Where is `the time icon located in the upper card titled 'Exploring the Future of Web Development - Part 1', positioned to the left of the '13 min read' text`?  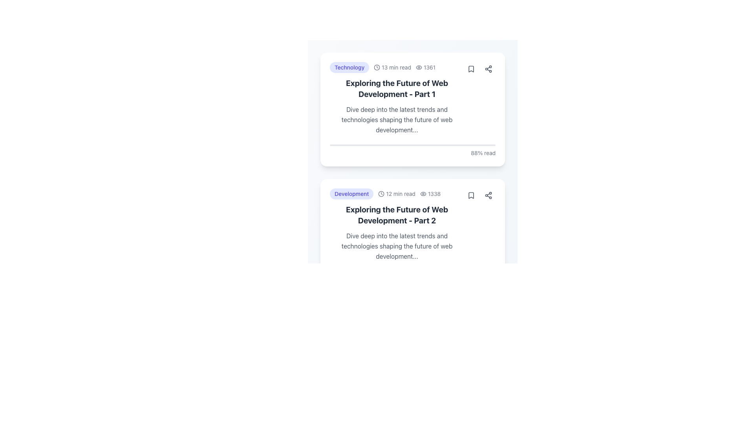
the time icon located in the upper card titled 'Exploring the Future of Web Development - Part 1', positioned to the left of the '13 min read' text is located at coordinates (377, 67).